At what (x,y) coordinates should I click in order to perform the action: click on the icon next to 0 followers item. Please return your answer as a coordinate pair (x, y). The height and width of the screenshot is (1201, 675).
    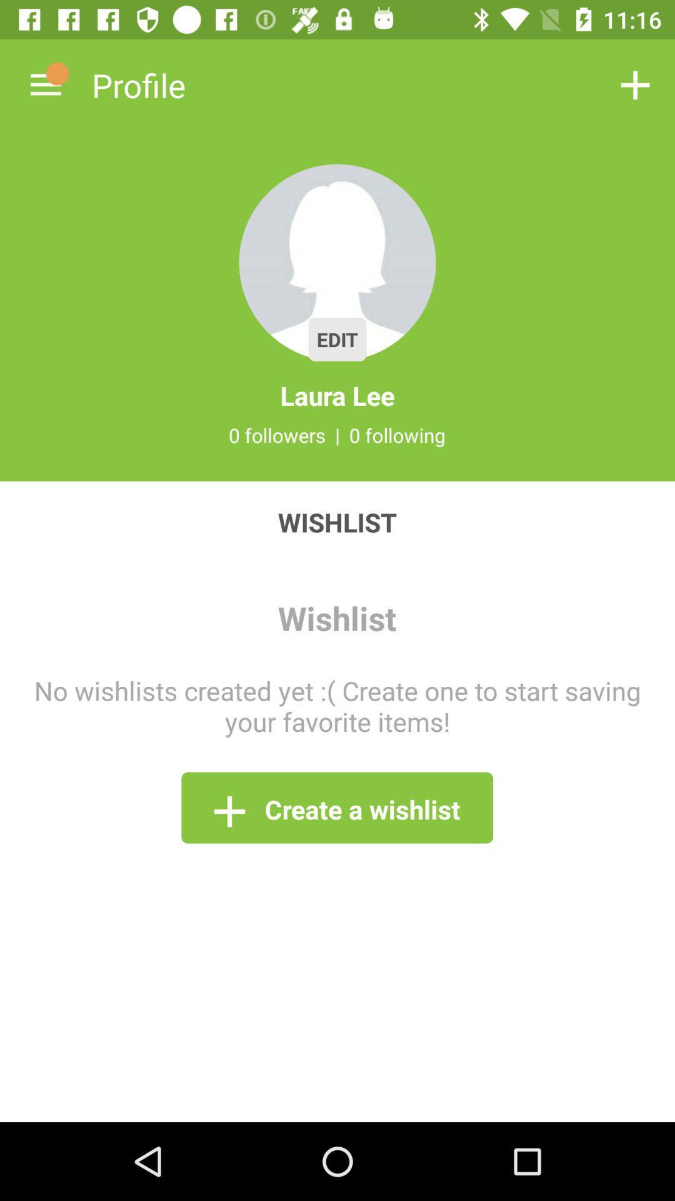
    Looking at the image, I should click on (337, 435).